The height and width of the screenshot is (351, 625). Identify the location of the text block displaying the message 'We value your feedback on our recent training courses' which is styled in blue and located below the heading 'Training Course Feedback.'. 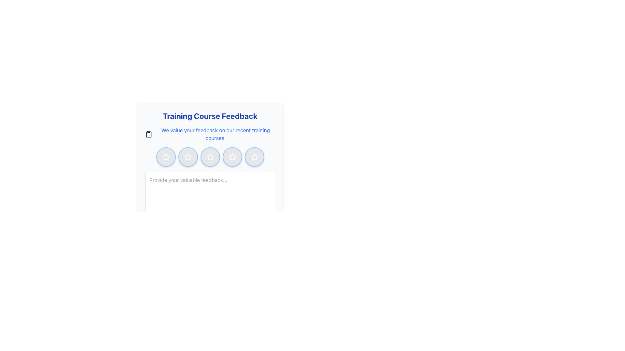
(215, 134).